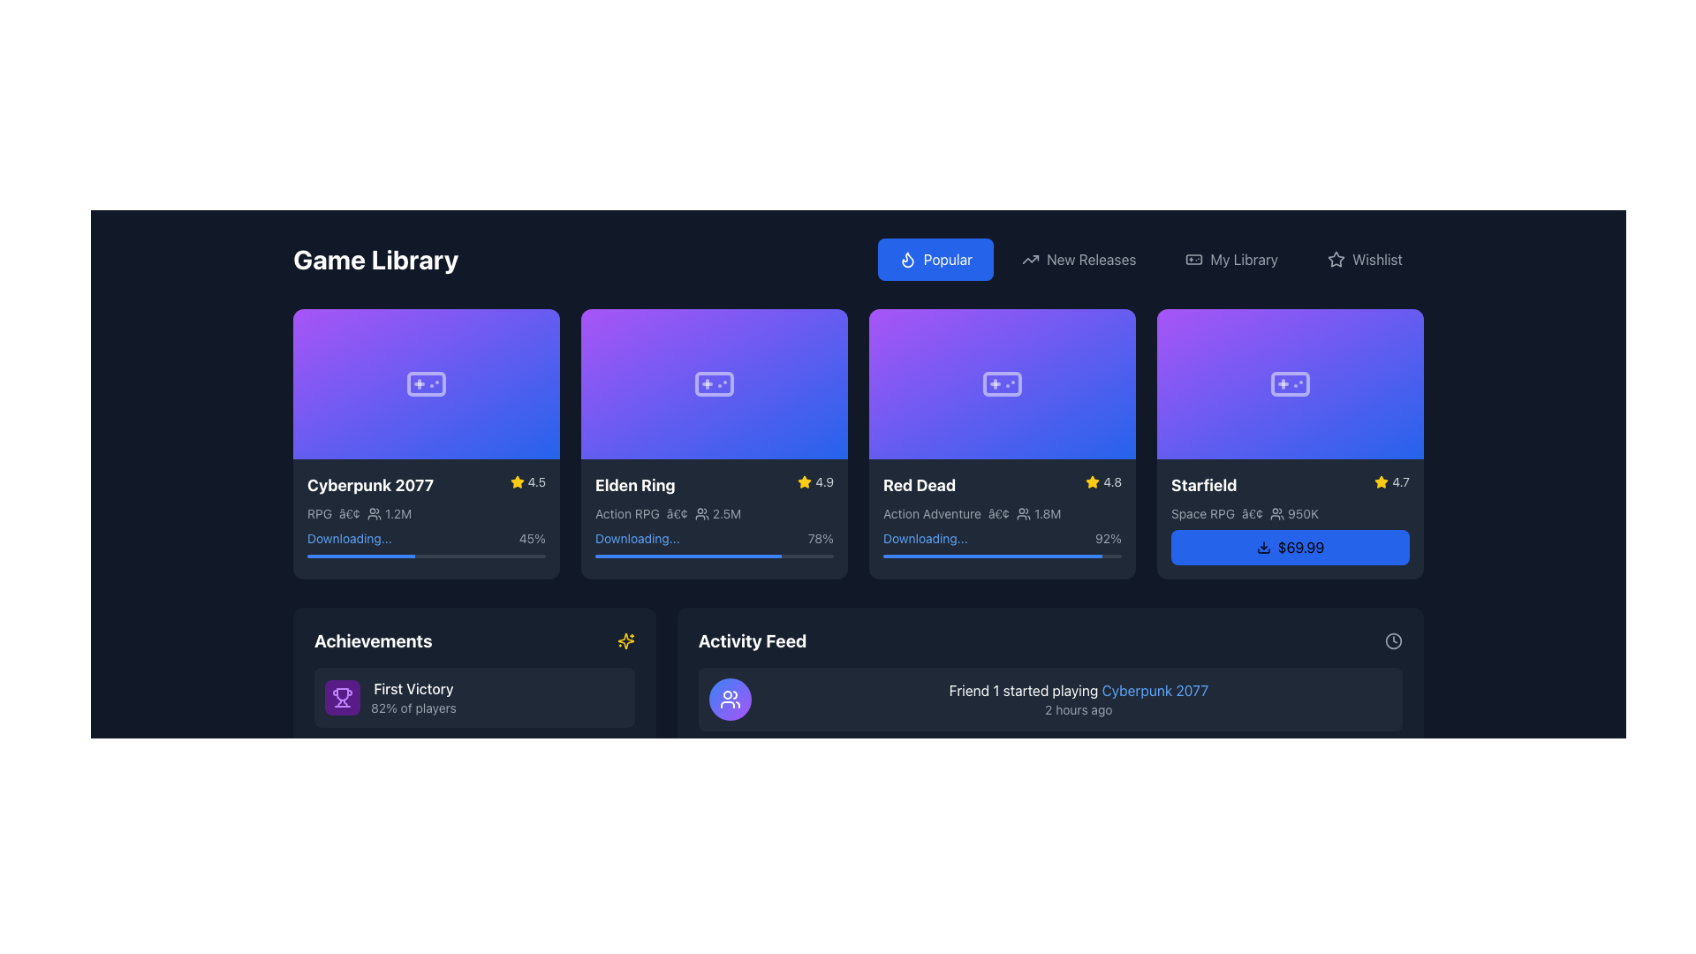  What do you see at coordinates (1301, 546) in the screenshot?
I see `the text element displaying '$69.99' in bold, black font located at the bottom center of the 'Starfield' card, inside a blue button-like area` at bounding box center [1301, 546].